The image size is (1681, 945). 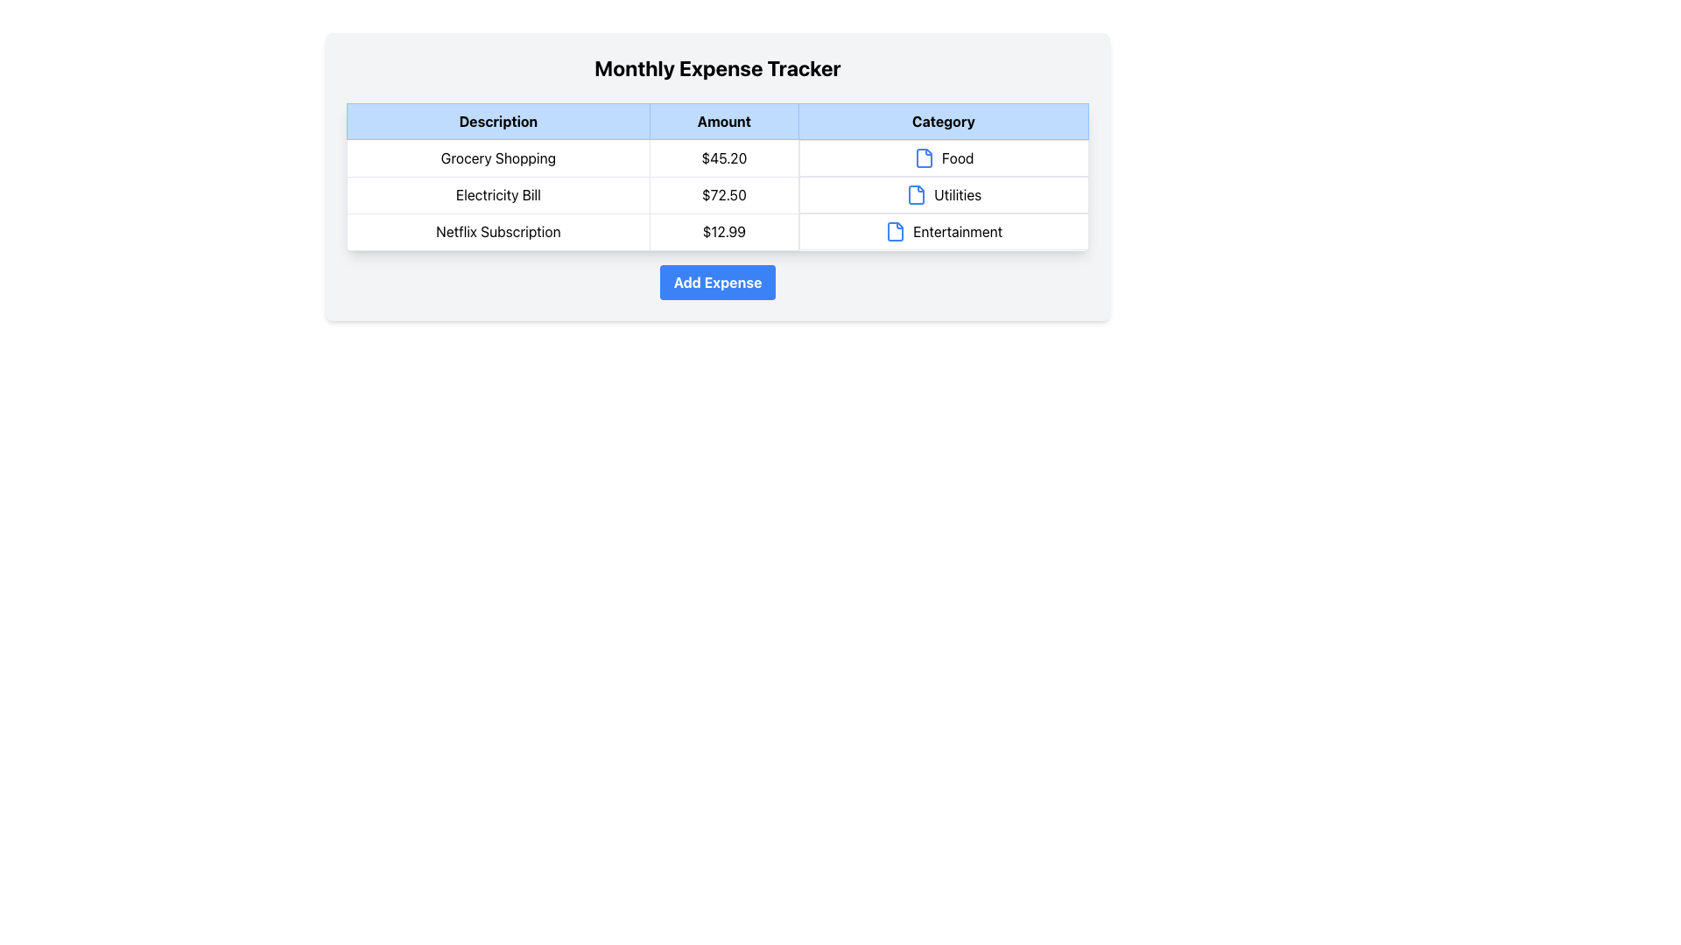 I want to click on the 'Amount' Text Label element, which has a light blue background and black bold text, positioned in the middle of the table header between 'Description' and 'Category', so click(x=724, y=120).